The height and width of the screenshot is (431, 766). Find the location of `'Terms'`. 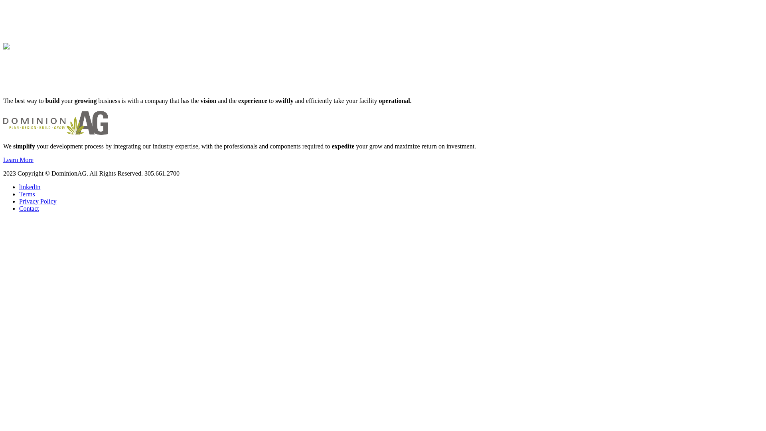

'Terms' is located at coordinates (27, 194).